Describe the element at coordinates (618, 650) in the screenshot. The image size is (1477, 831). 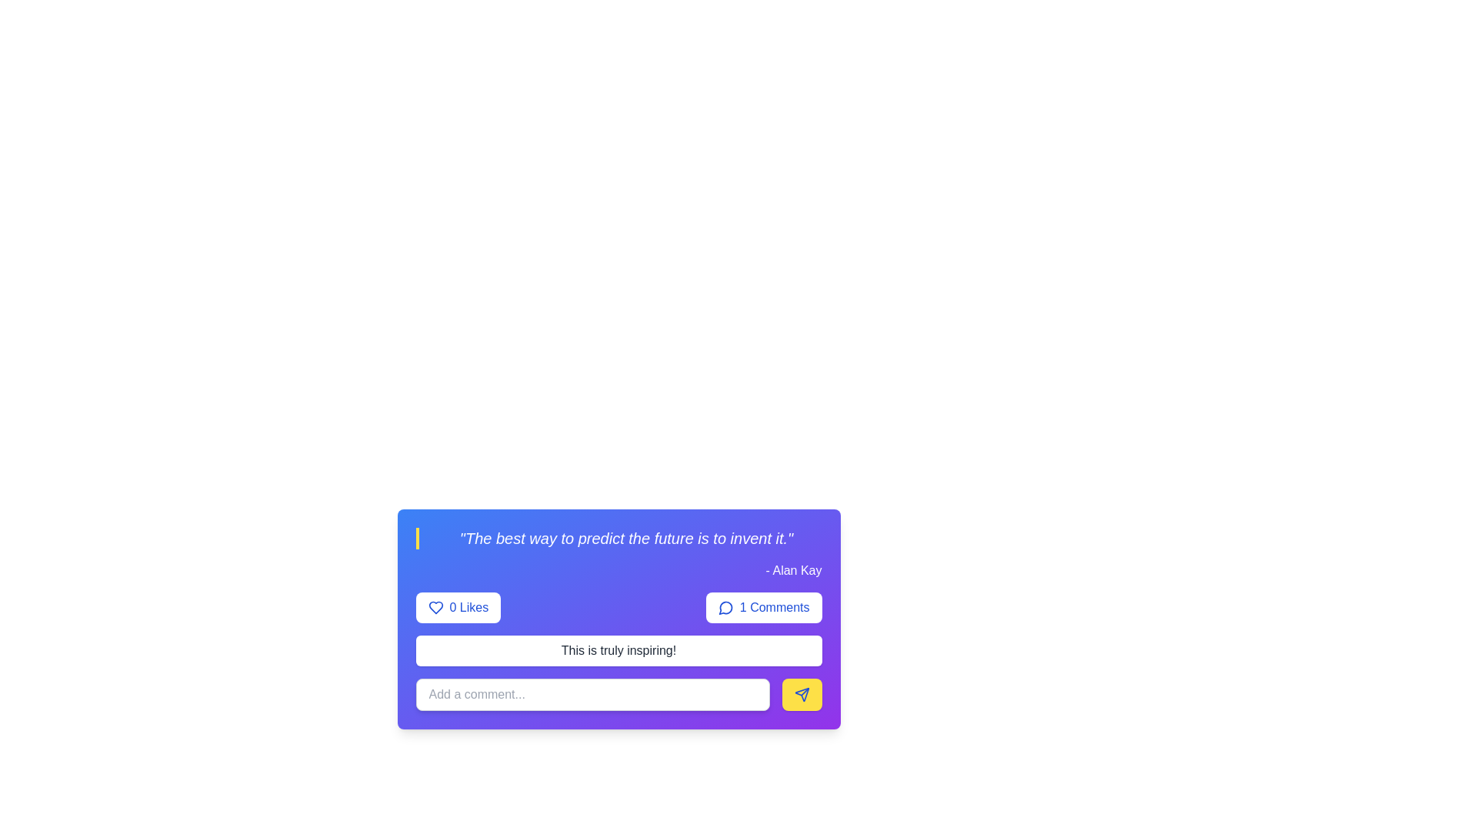
I see `the Text label that displays user comments or reactions, located within a gradient card interface, positioned below the '1 Comments' button and above the comment input field` at that location.